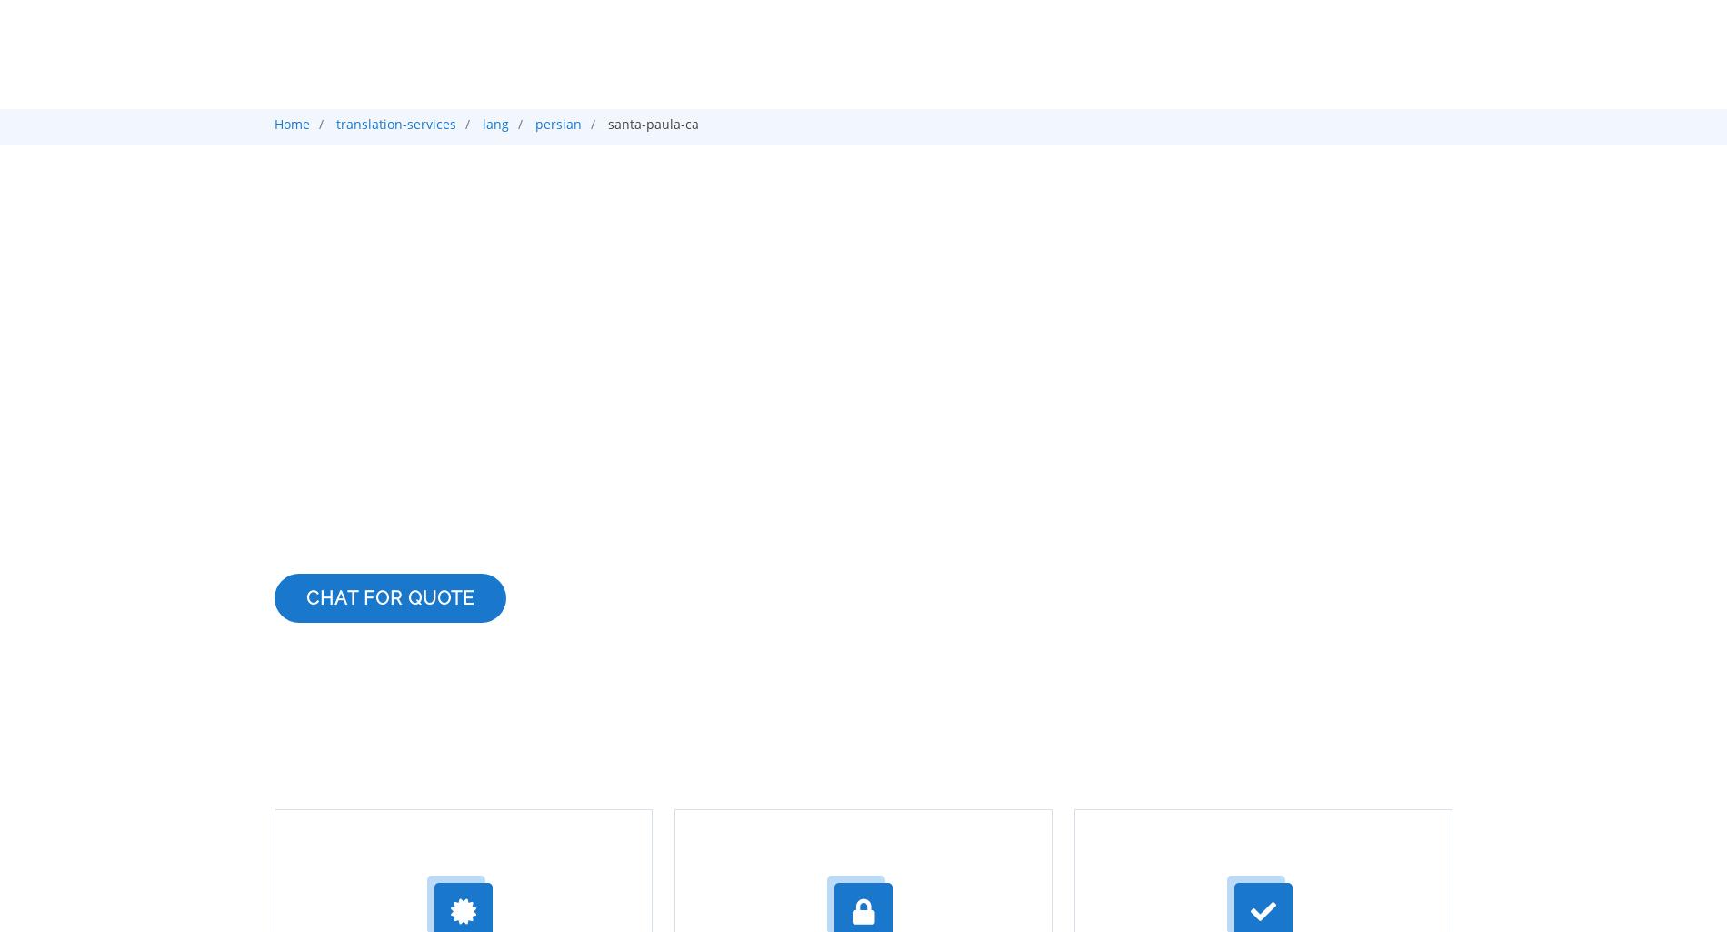 This screenshot has height=932, width=1727. What do you see at coordinates (392, 738) in the screenshot?
I see `'Swiss'` at bounding box center [392, 738].